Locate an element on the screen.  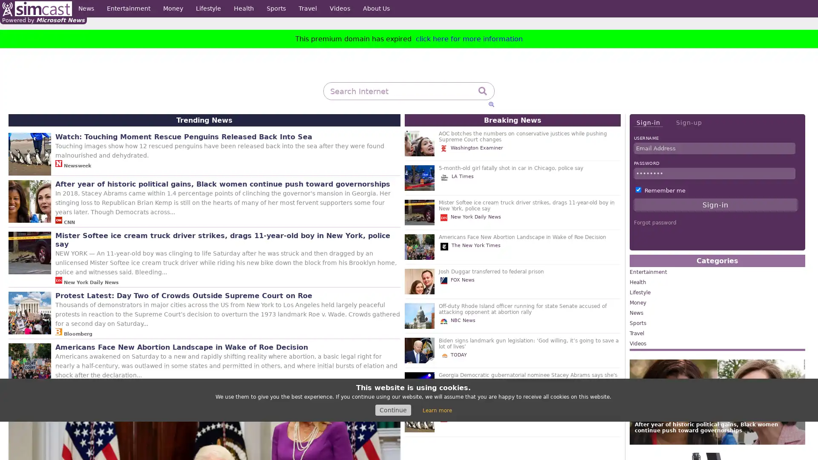
Sign-in is located at coordinates (715, 205).